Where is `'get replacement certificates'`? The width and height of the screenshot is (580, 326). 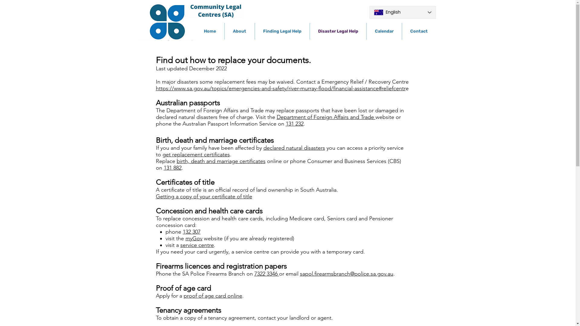
'get replacement certificates' is located at coordinates (196, 154).